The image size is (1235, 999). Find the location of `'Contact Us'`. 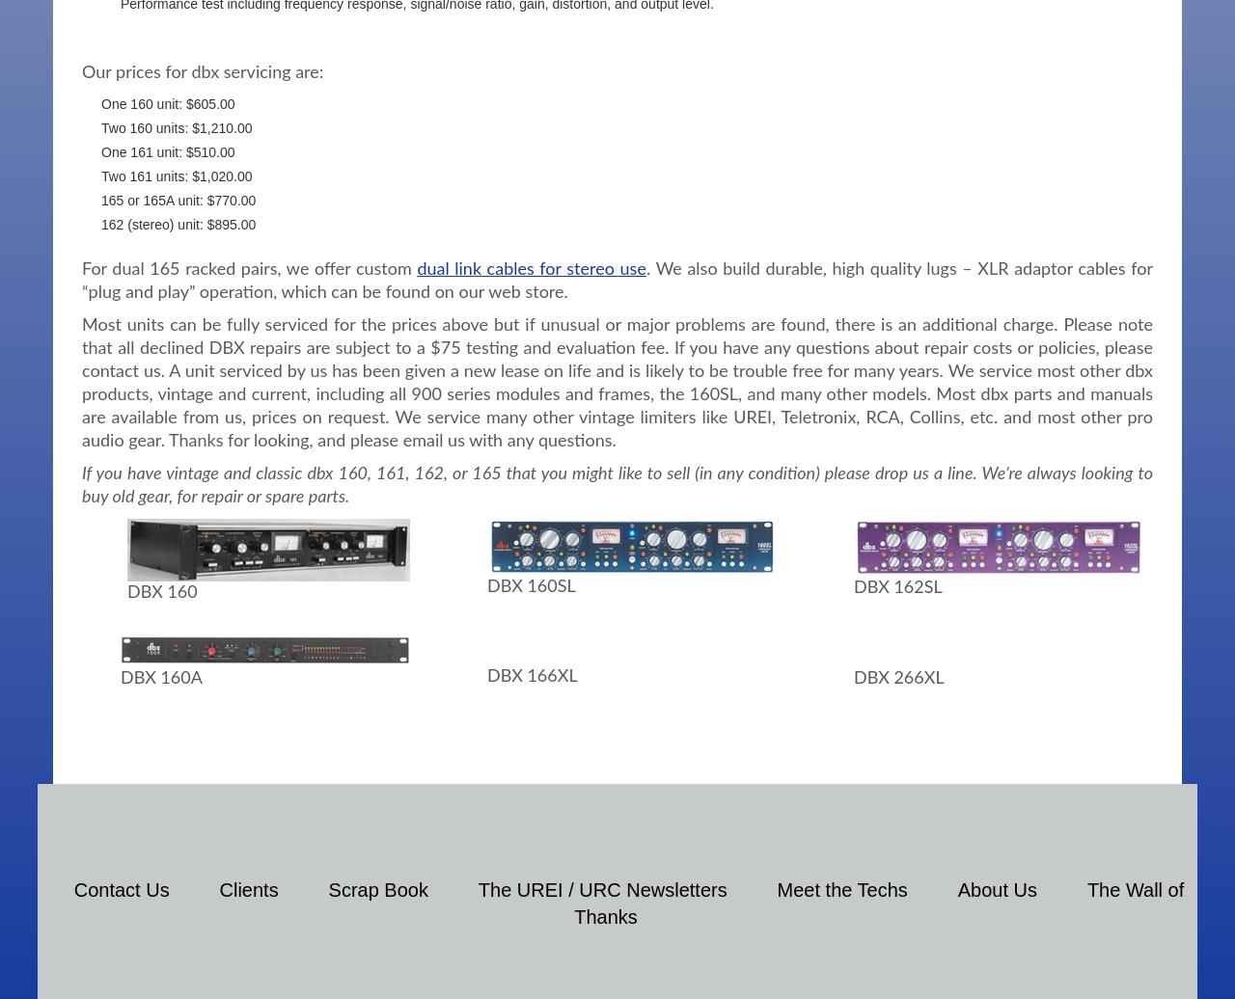

'Contact Us' is located at coordinates (73, 889).